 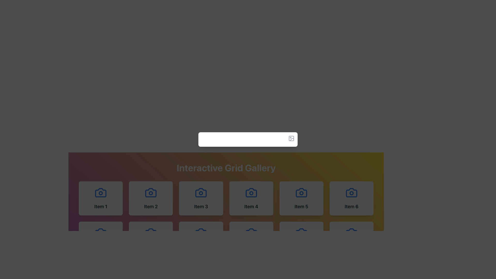 What do you see at coordinates (151, 192) in the screenshot?
I see `the central lens of the camera icon within the 'Item 2' card, which serves a decorative purpose` at bounding box center [151, 192].